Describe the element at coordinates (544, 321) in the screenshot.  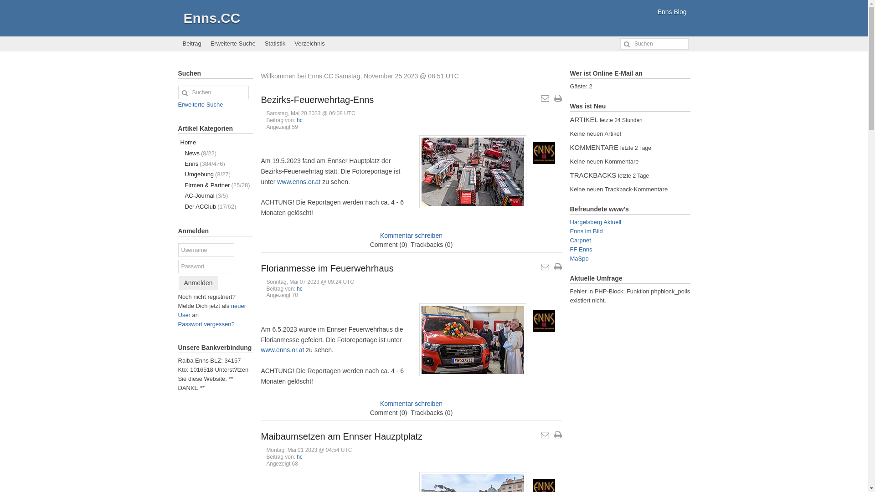
I see `'Enns'` at that location.